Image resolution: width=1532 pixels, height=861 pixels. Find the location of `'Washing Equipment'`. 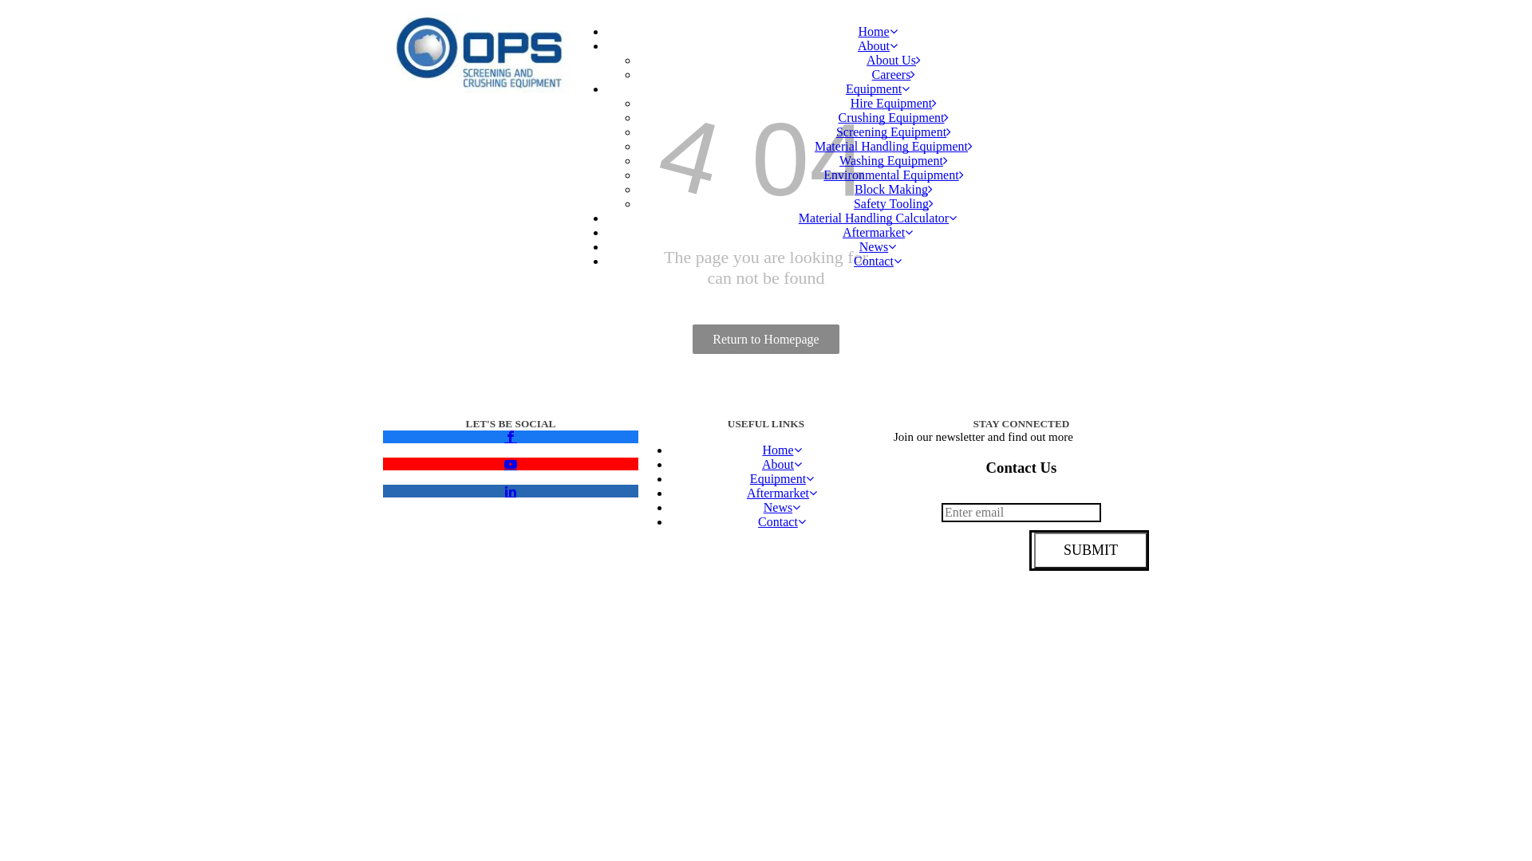

'Washing Equipment' is located at coordinates (892, 160).